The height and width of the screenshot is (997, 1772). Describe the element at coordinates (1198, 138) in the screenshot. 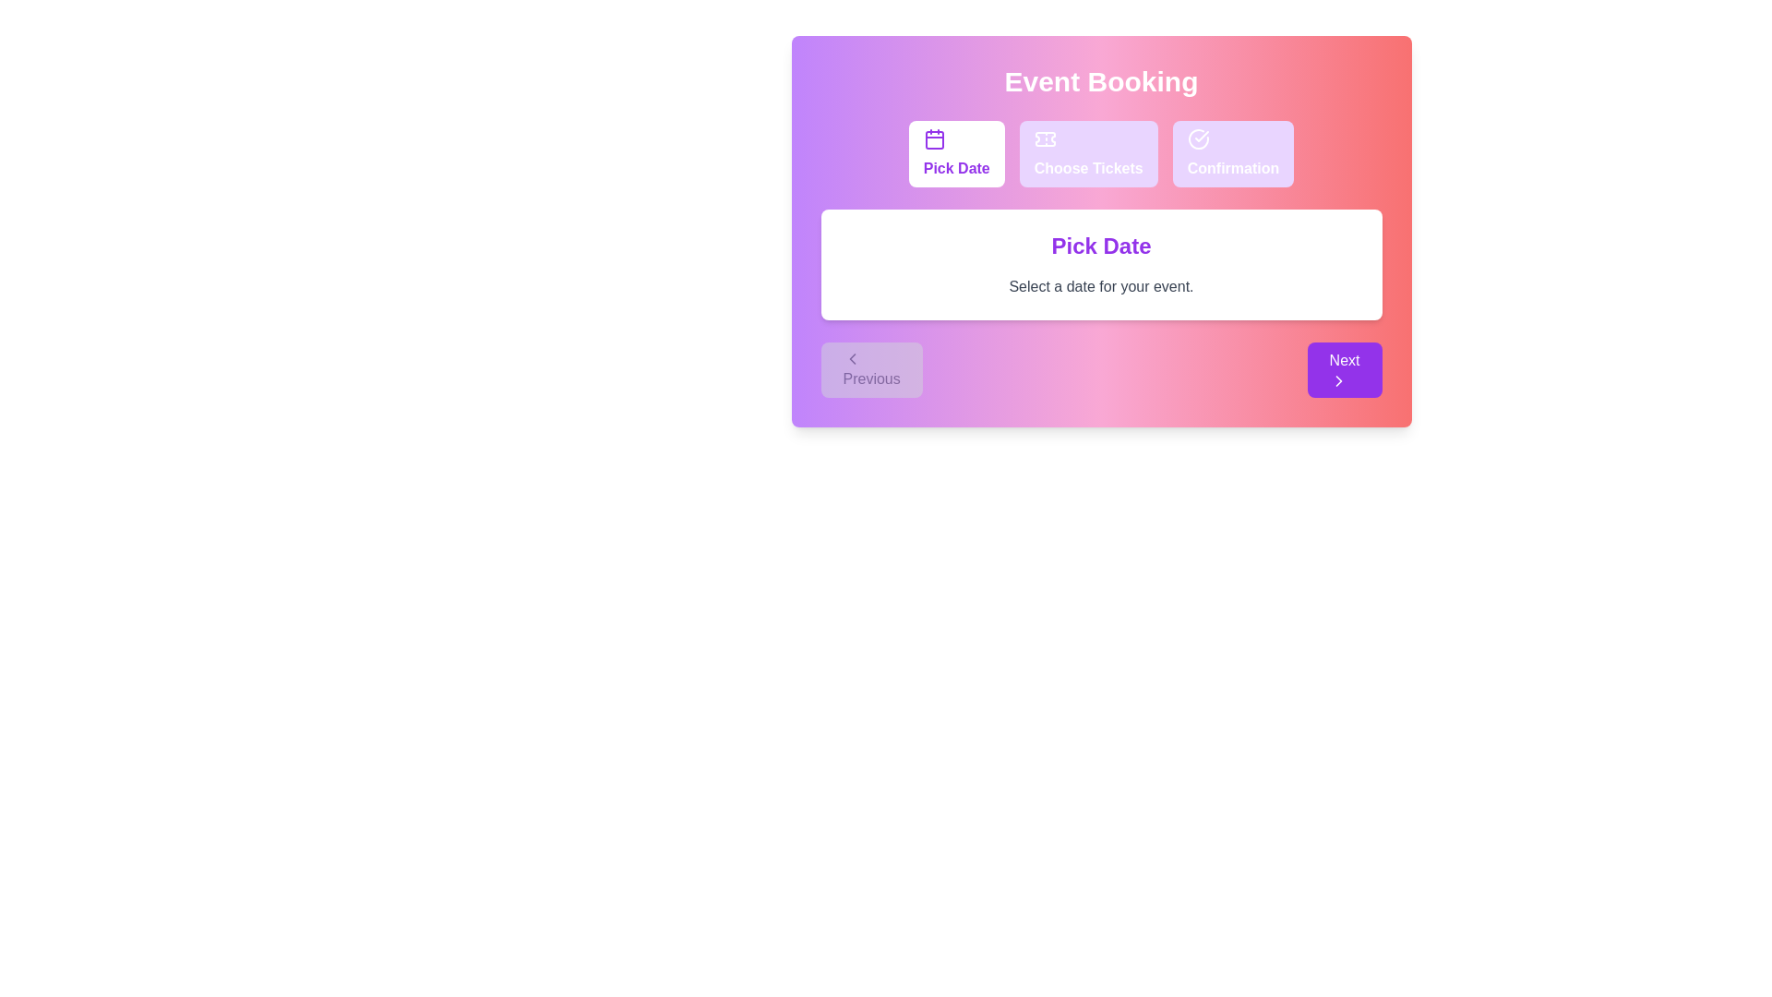

I see `the confirmation icon, which visually represents success and is part of the 'Confirmation' button located under the 'Event Booking' heading` at that location.